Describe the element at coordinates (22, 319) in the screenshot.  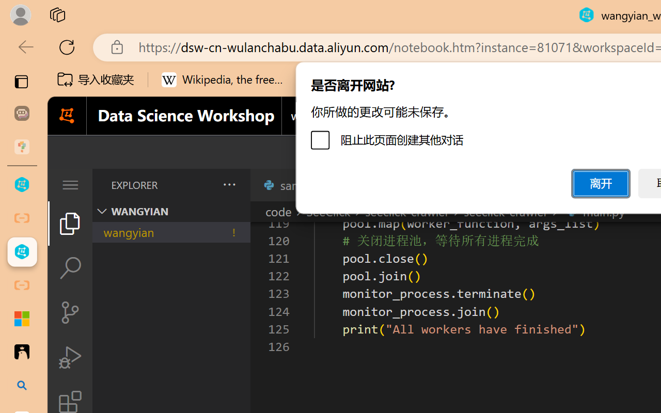
I see `'Adjust indents and spacing - Microsoft Support'` at that location.